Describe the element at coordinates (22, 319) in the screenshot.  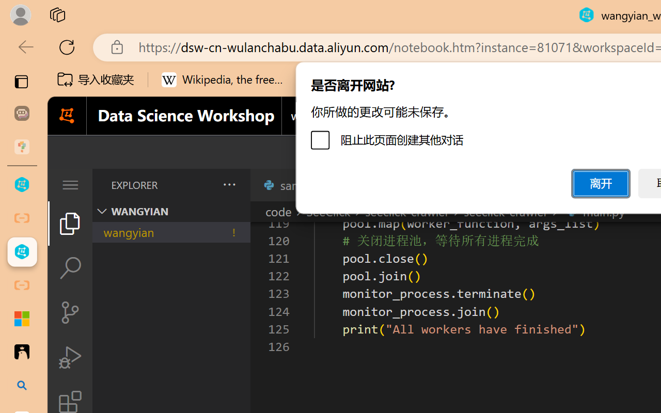
I see `'Adjust indents and spacing - Microsoft Support'` at that location.